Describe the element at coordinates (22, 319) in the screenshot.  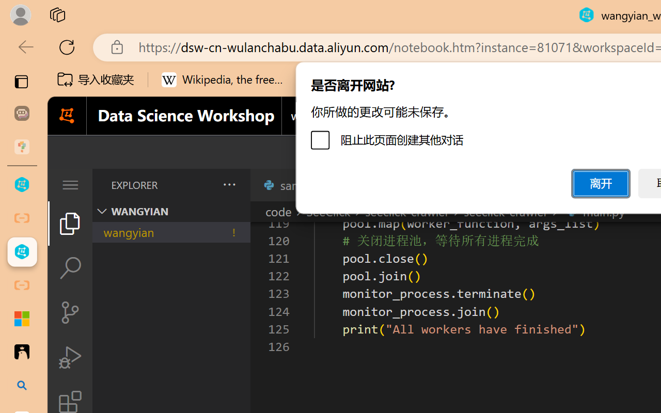
I see `'Adjust indents and spacing - Microsoft Support'` at that location.